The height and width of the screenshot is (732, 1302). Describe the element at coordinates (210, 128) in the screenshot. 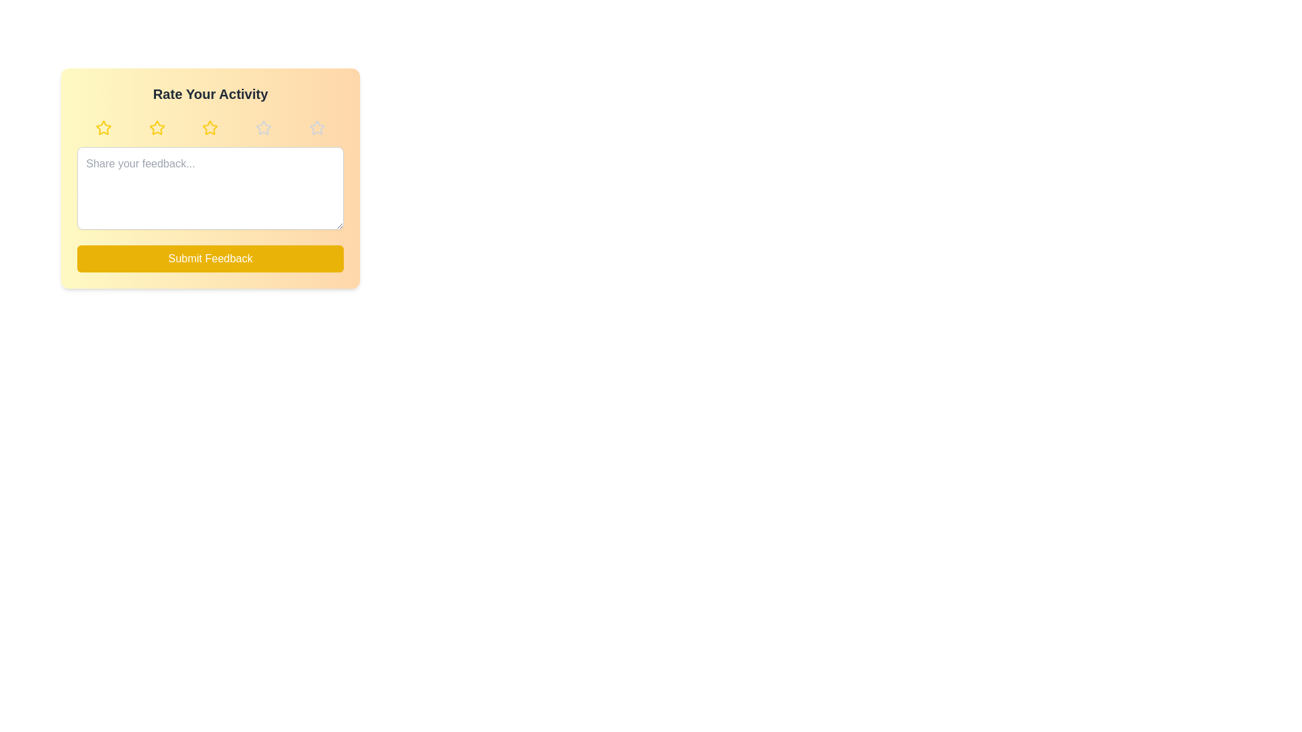

I see `the rating to 3 stars by clicking the corresponding star` at that location.